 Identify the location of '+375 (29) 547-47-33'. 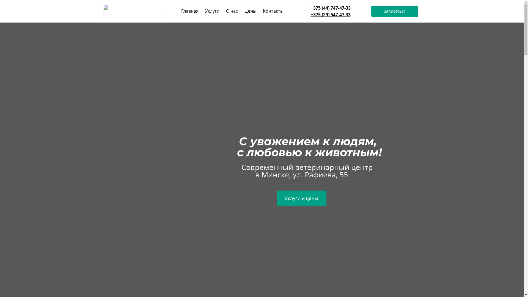
(330, 14).